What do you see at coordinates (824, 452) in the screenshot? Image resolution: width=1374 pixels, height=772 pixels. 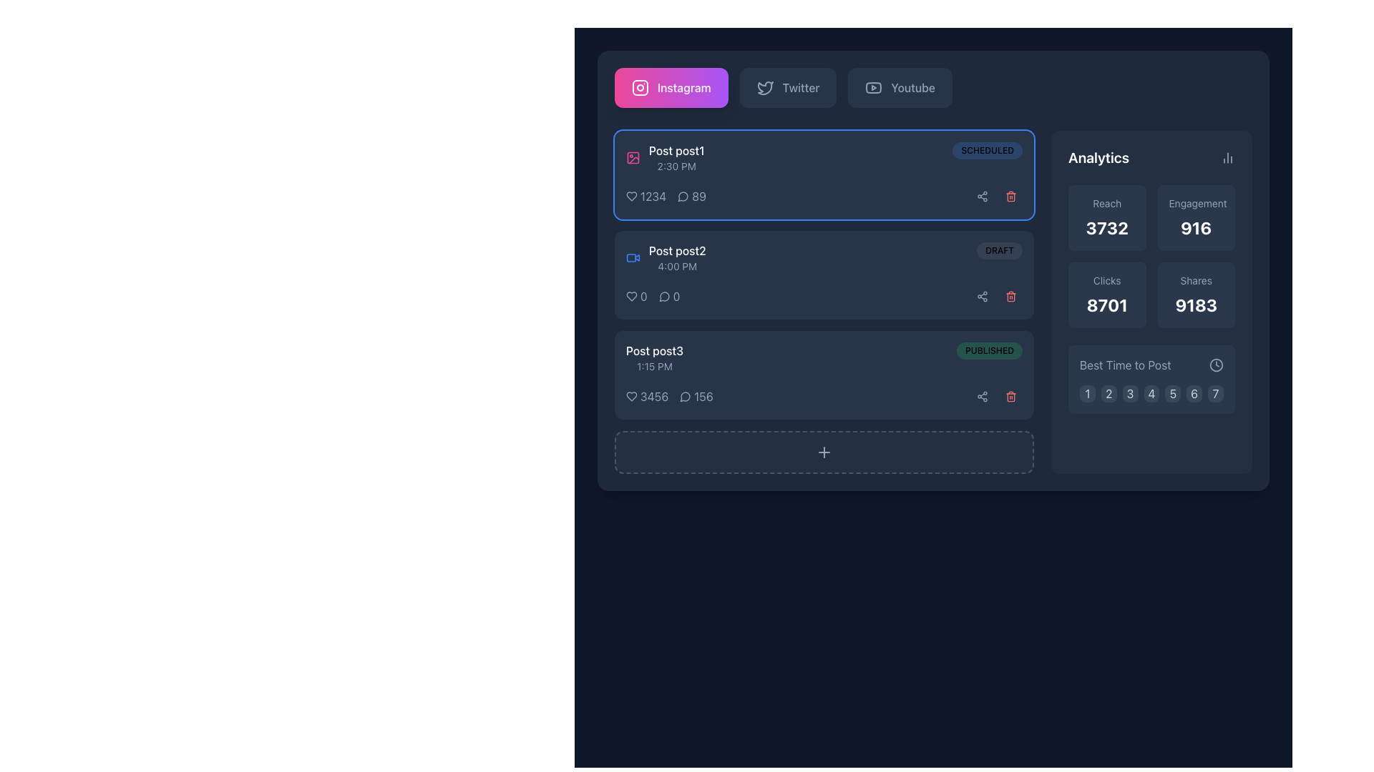 I see `the '+' icon button located at the bottom of the post panel to trigger a visual effect` at bounding box center [824, 452].